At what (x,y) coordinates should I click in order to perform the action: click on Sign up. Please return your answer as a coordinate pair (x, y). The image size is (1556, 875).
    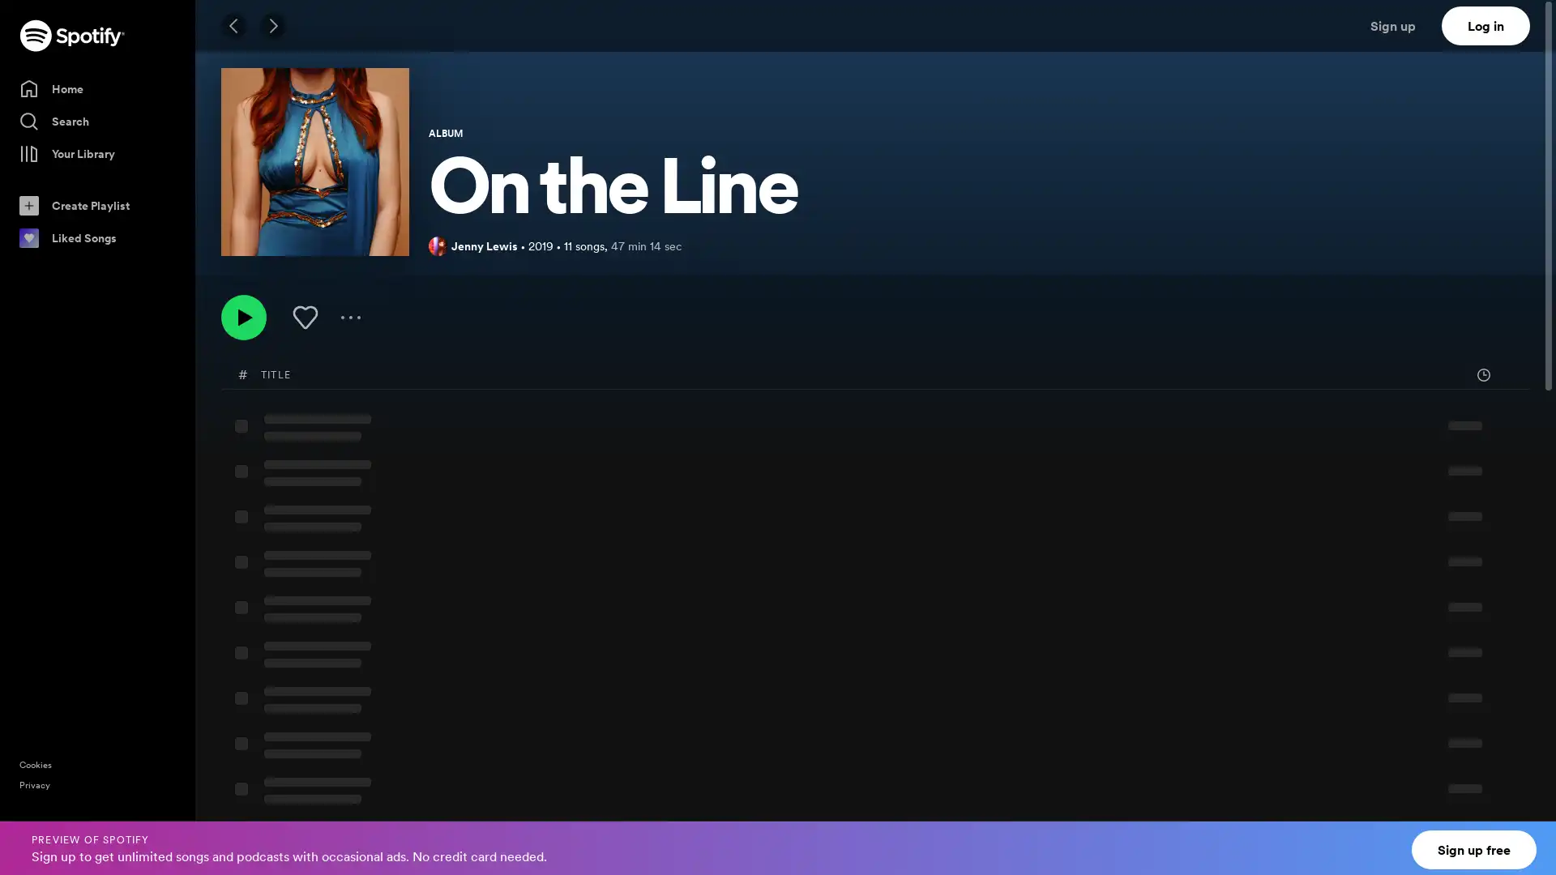
    Looking at the image, I should click on (1402, 25).